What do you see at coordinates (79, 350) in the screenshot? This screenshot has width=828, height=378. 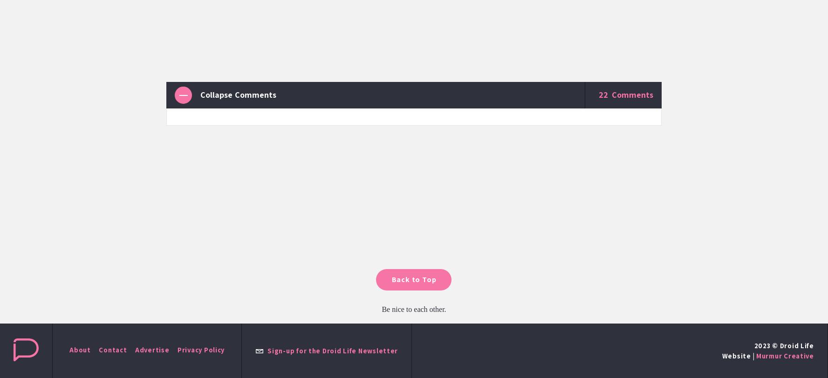 I see `'About'` at bounding box center [79, 350].